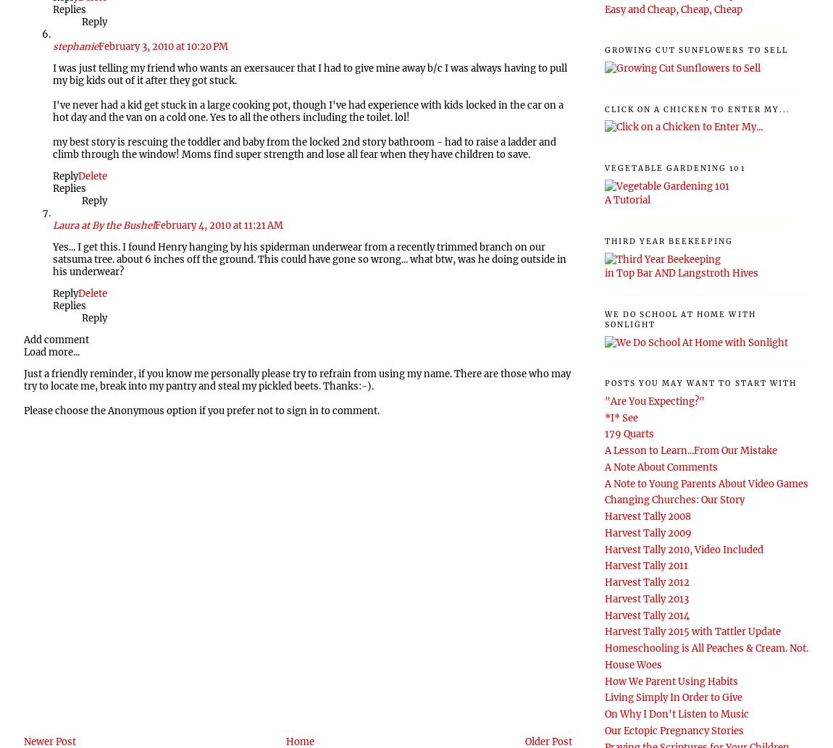  What do you see at coordinates (74, 46) in the screenshot?
I see `'stephanie'` at bounding box center [74, 46].